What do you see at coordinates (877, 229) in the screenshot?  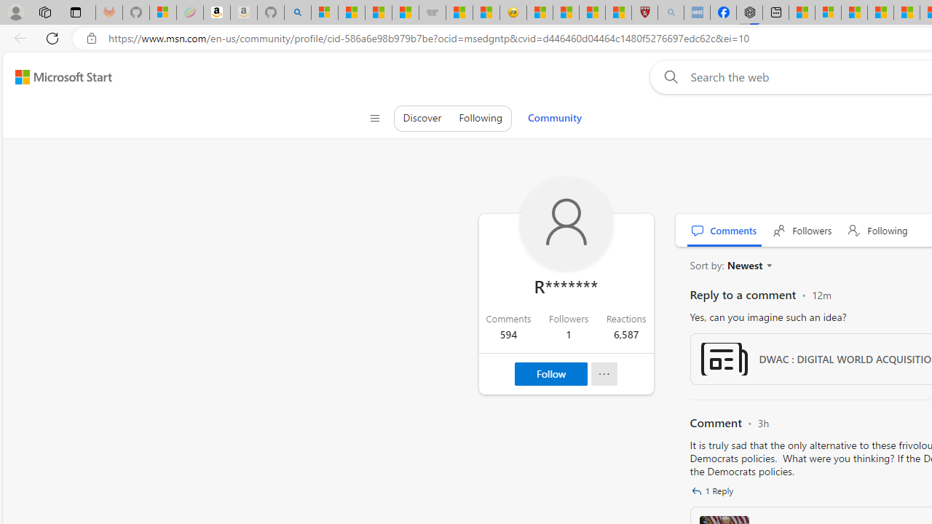 I see `' Following'` at bounding box center [877, 229].